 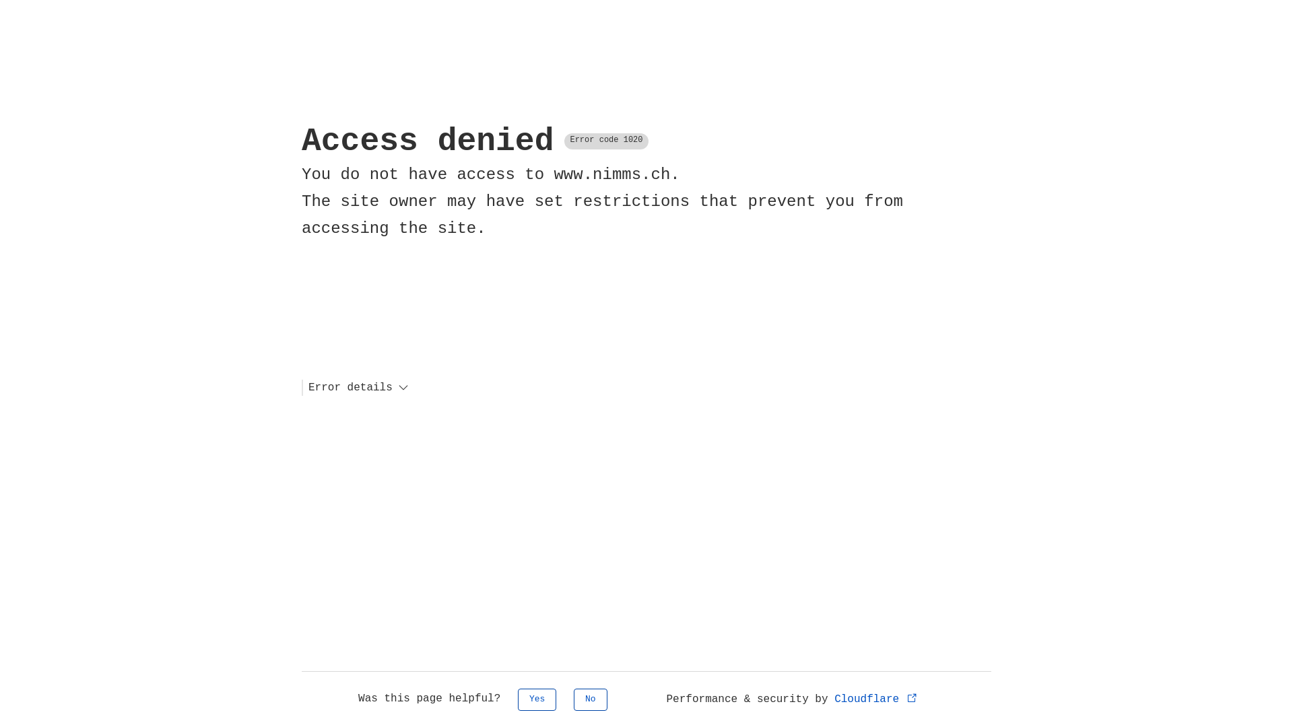 What do you see at coordinates (536, 699) in the screenshot?
I see `'Yes'` at bounding box center [536, 699].